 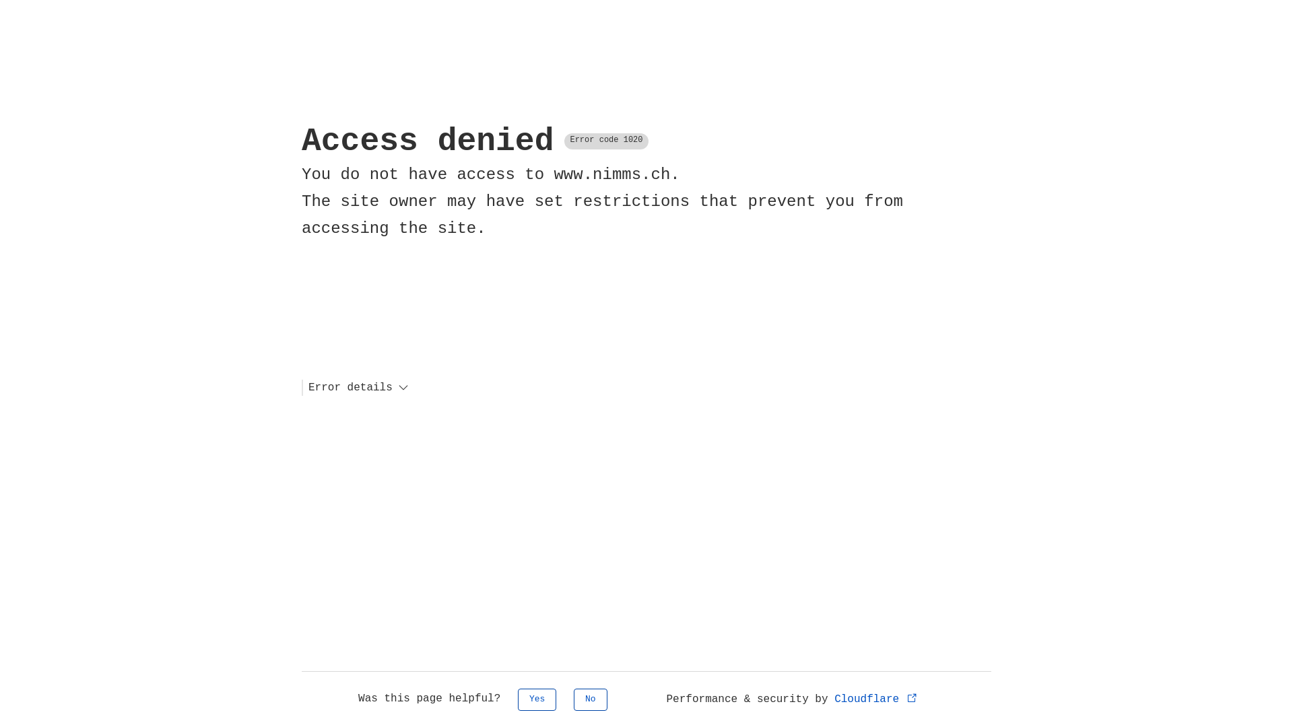 What do you see at coordinates (536, 699) in the screenshot?
I see `'Yes'` at bounding box center [536, 699].